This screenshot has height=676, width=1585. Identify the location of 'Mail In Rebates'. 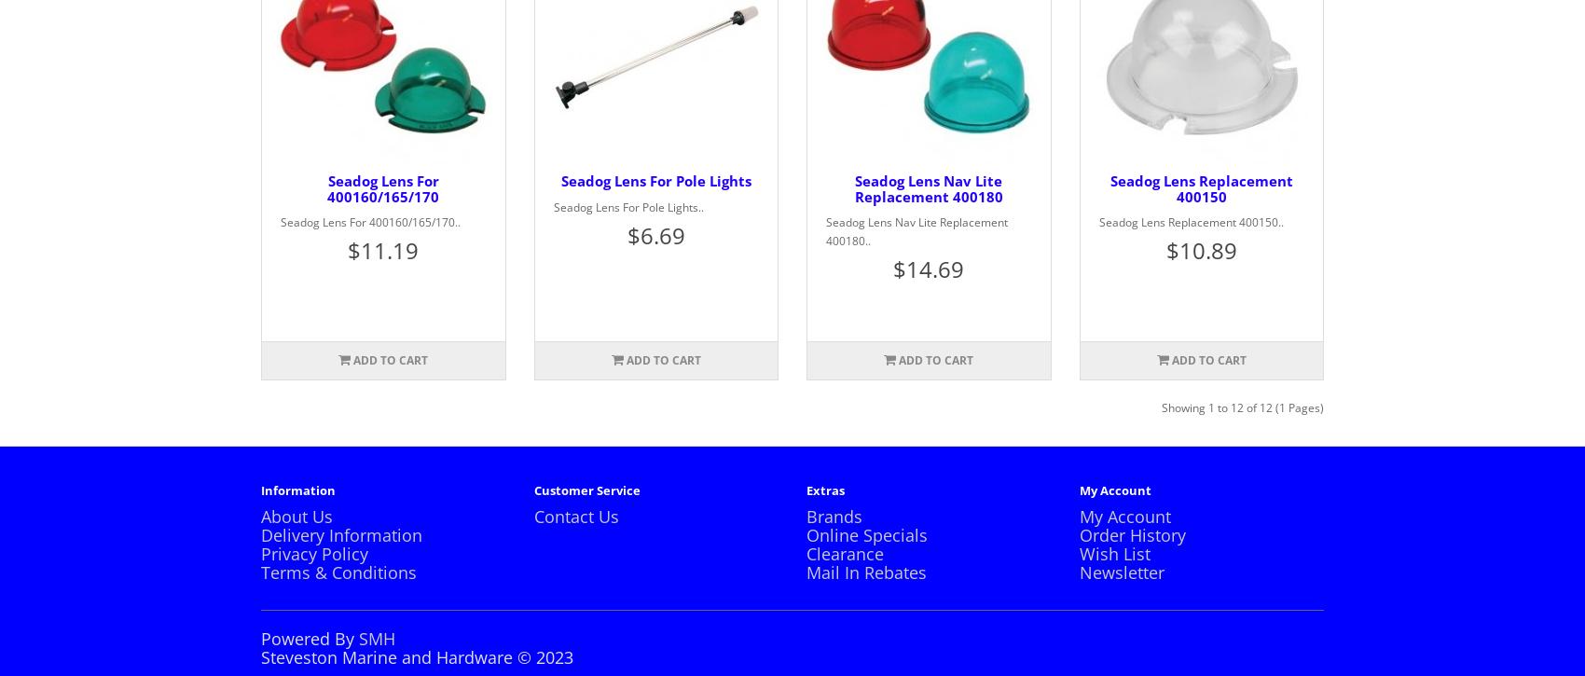
(806, 570).